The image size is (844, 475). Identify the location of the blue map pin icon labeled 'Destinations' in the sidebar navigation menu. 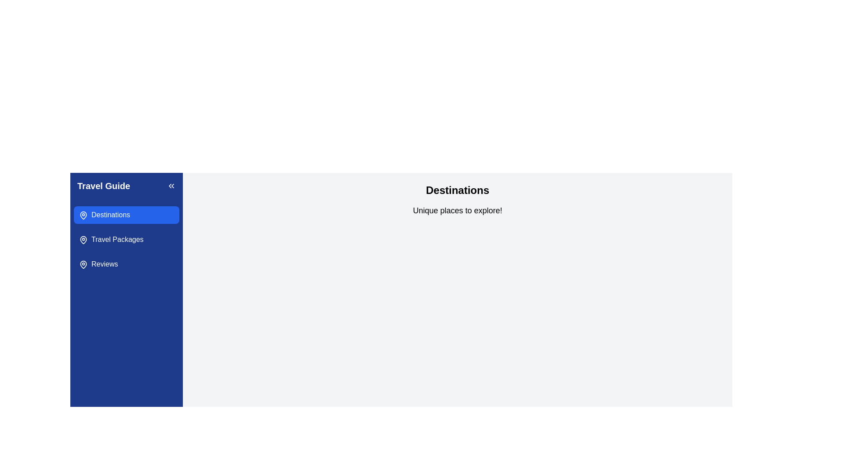
(84, 215).